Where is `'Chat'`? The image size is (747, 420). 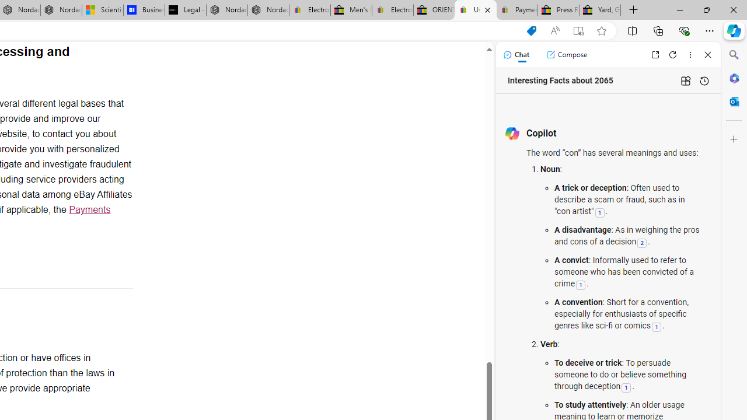 'Chat' is located at coordinates (515, 54).